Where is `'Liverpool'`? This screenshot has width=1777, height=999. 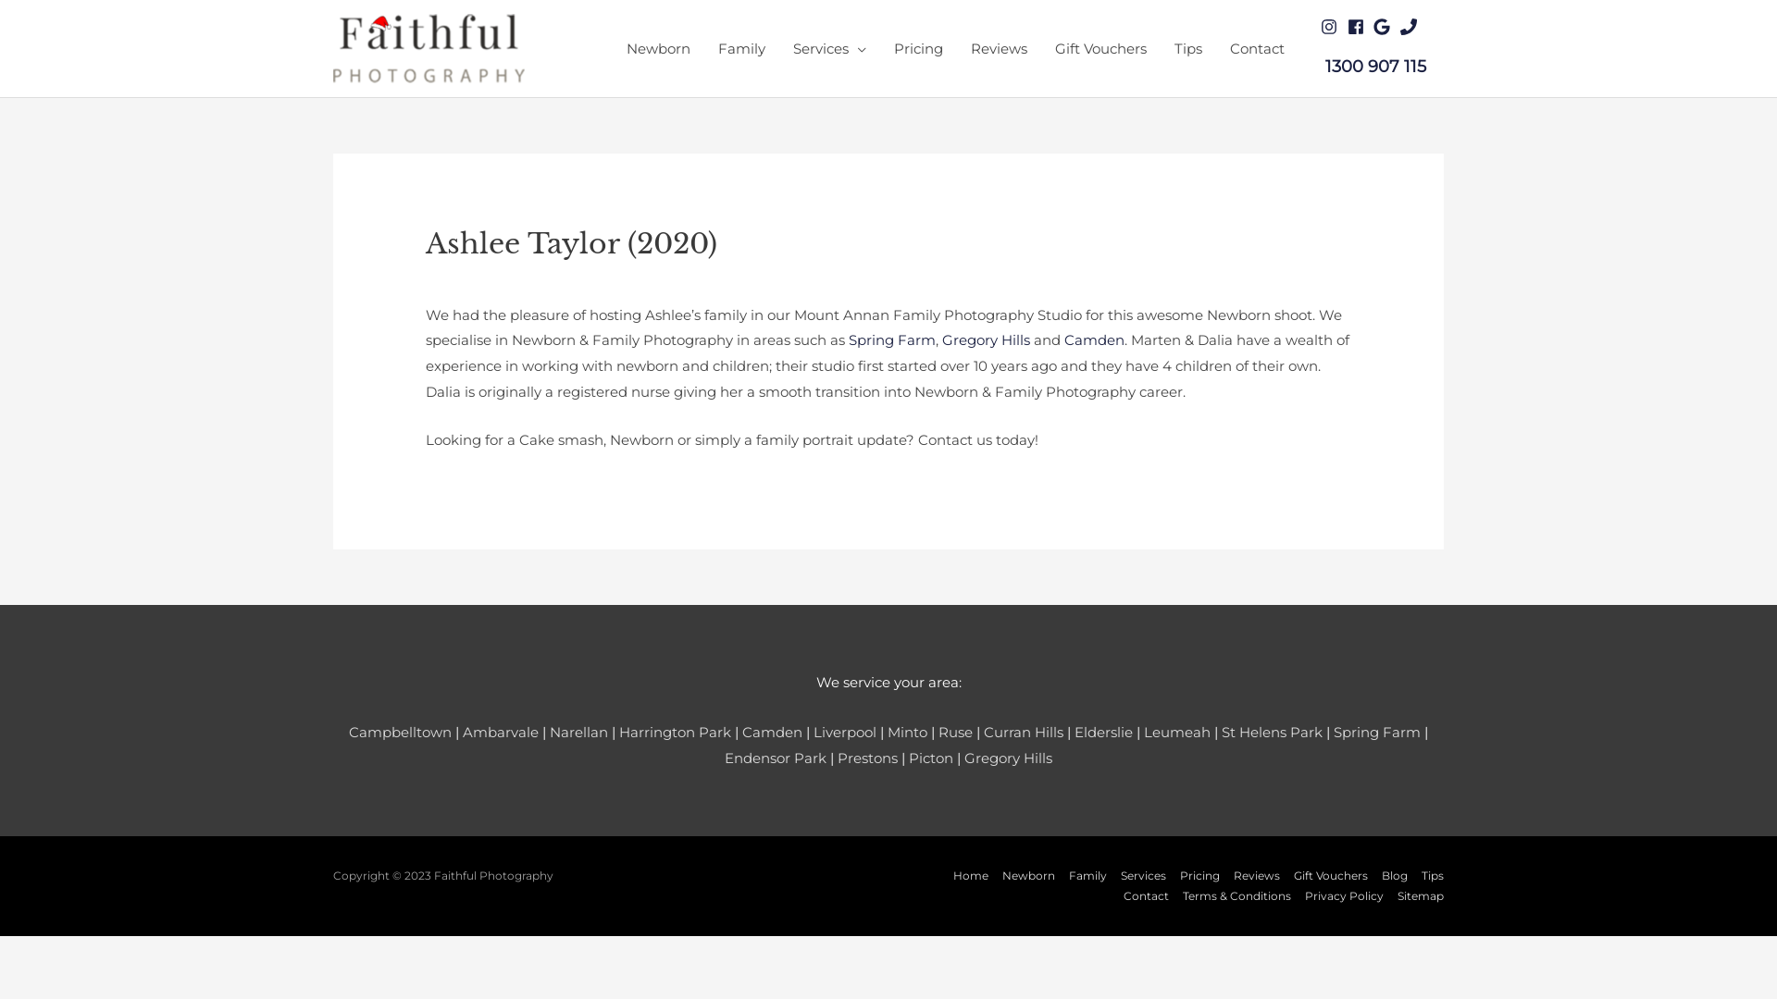
'Liverpool' is located at coordinates (813, 731).